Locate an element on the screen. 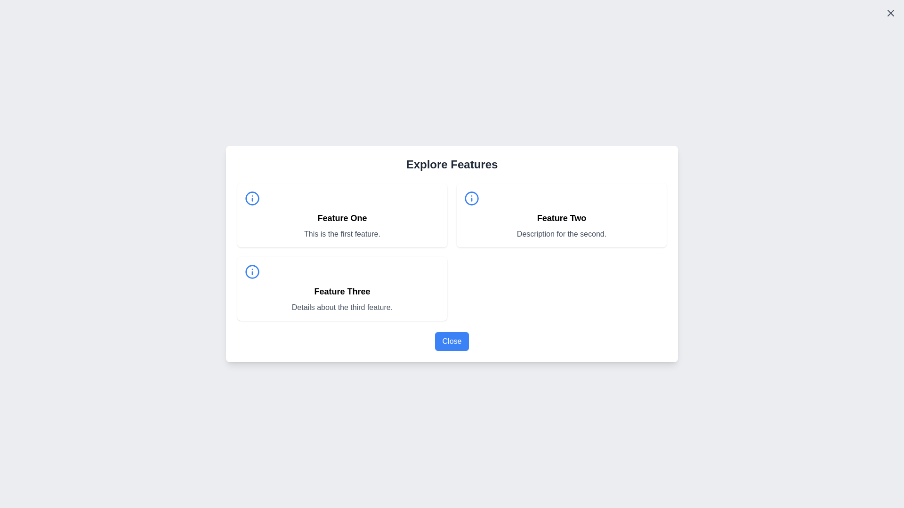 The height and width of the screenshot is (508, 904). the informational indicator icon located at the top-left corner of the 'Feature One' card, aligned with the title text is located at coordinates (252, 198).